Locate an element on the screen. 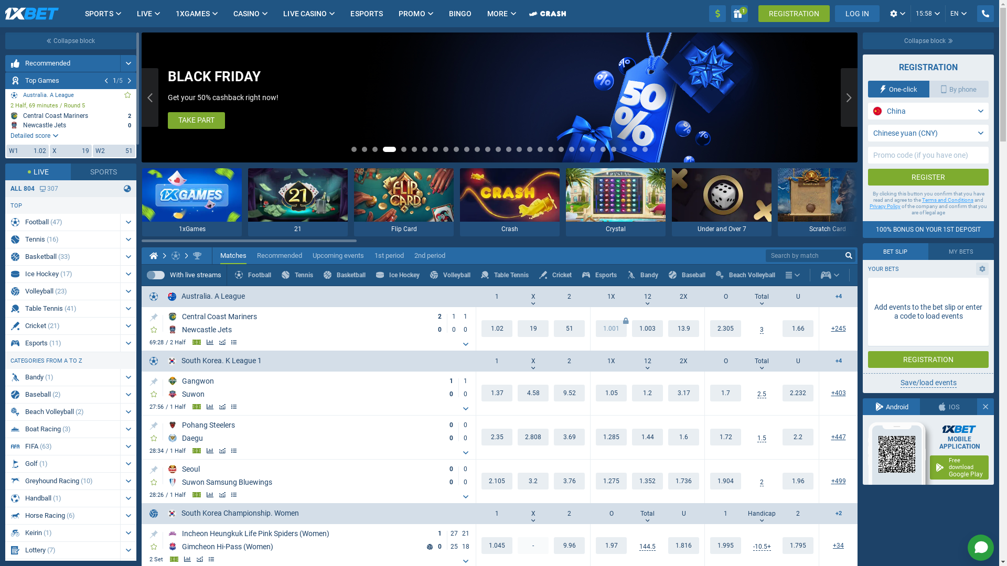 The height and width of the screenshot is (566, 1007). 'LIVE CASINO' is located at coordinates (304, 14).